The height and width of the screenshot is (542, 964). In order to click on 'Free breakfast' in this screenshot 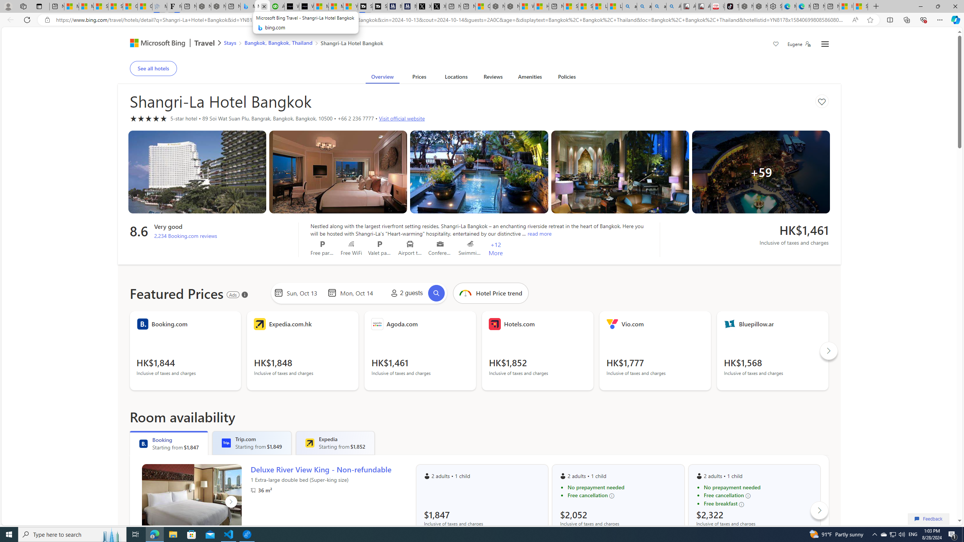, I will do `click(758, 504)`.